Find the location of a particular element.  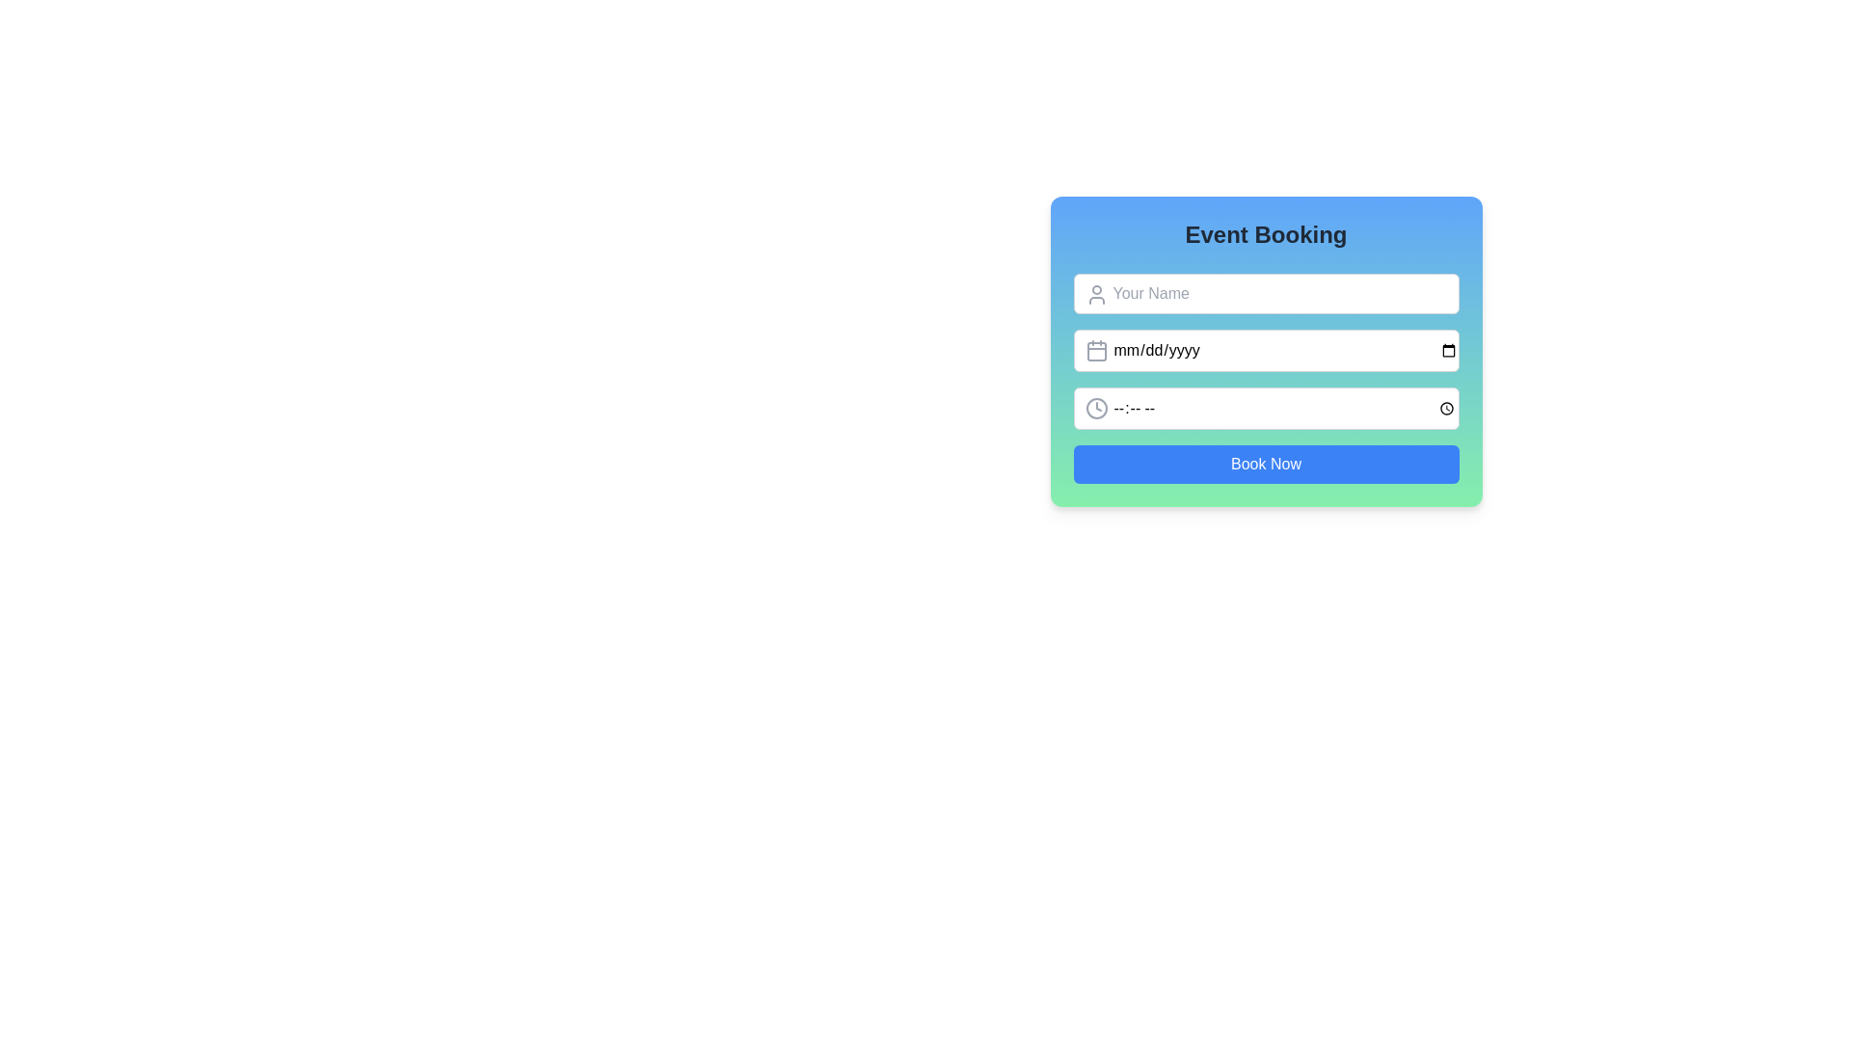

the Time input field in the 'Event Booking' form to focus and activate the time picker is located at coordinates (1266, 408).